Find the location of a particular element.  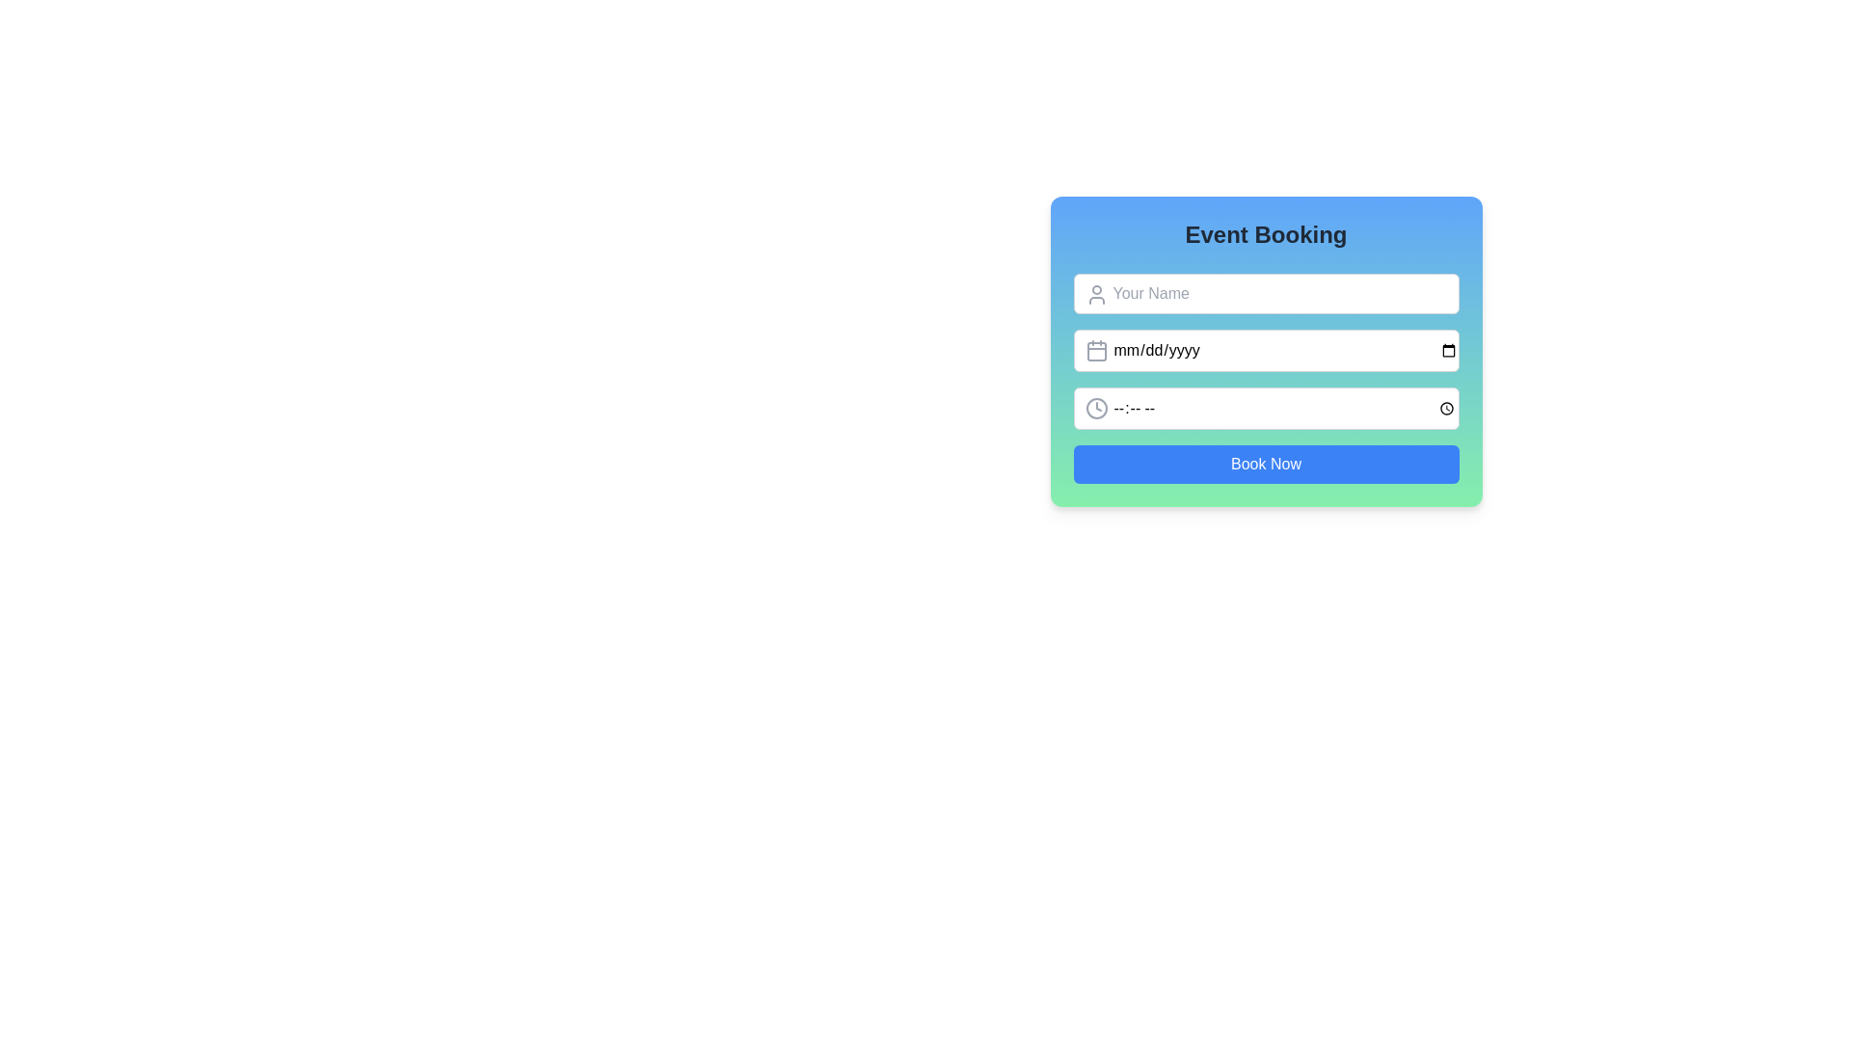

the Time input field in the 'Event Booking' form to focus and activate the time picker is located at coordinates (1266, 408).